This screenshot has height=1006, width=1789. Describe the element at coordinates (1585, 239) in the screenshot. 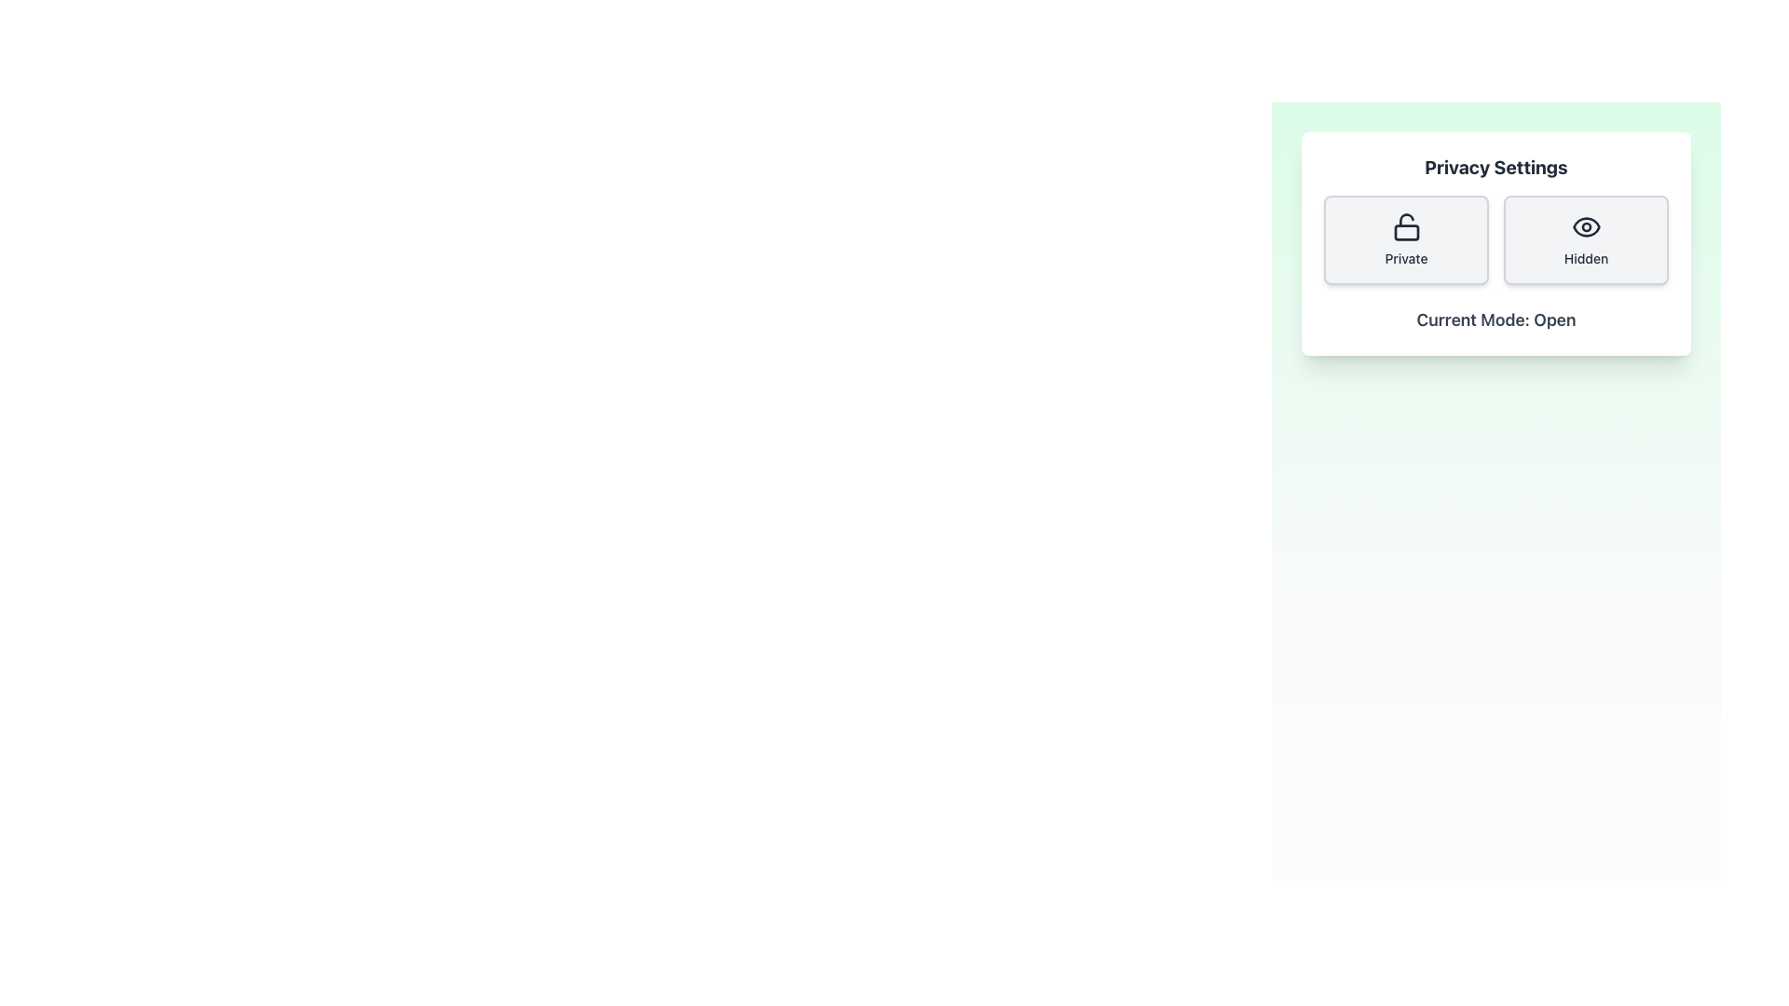

I see `the second card from the left that has a light gray background, an eye icon at the top, and the text 'Hidden' below it` at that location.